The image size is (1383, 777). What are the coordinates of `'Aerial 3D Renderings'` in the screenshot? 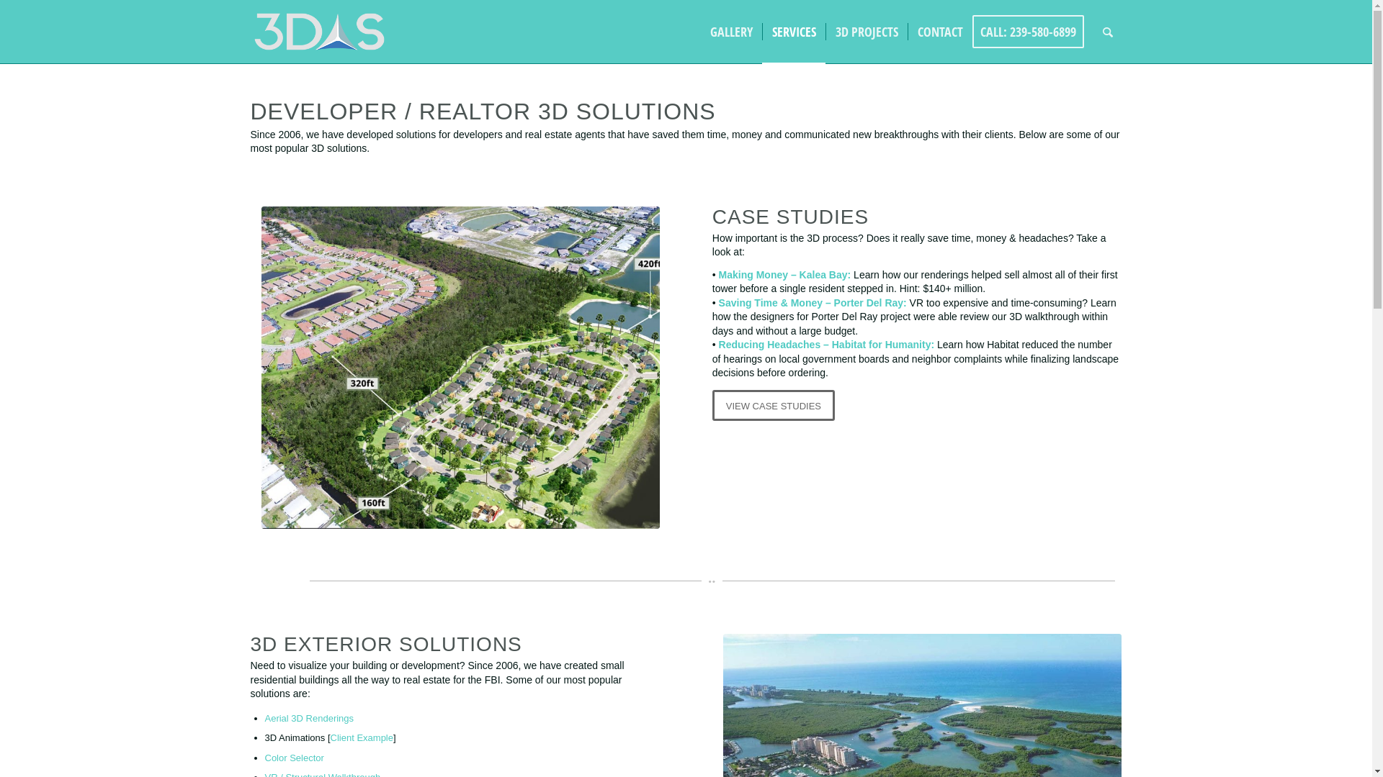 It's located at (309, 718).